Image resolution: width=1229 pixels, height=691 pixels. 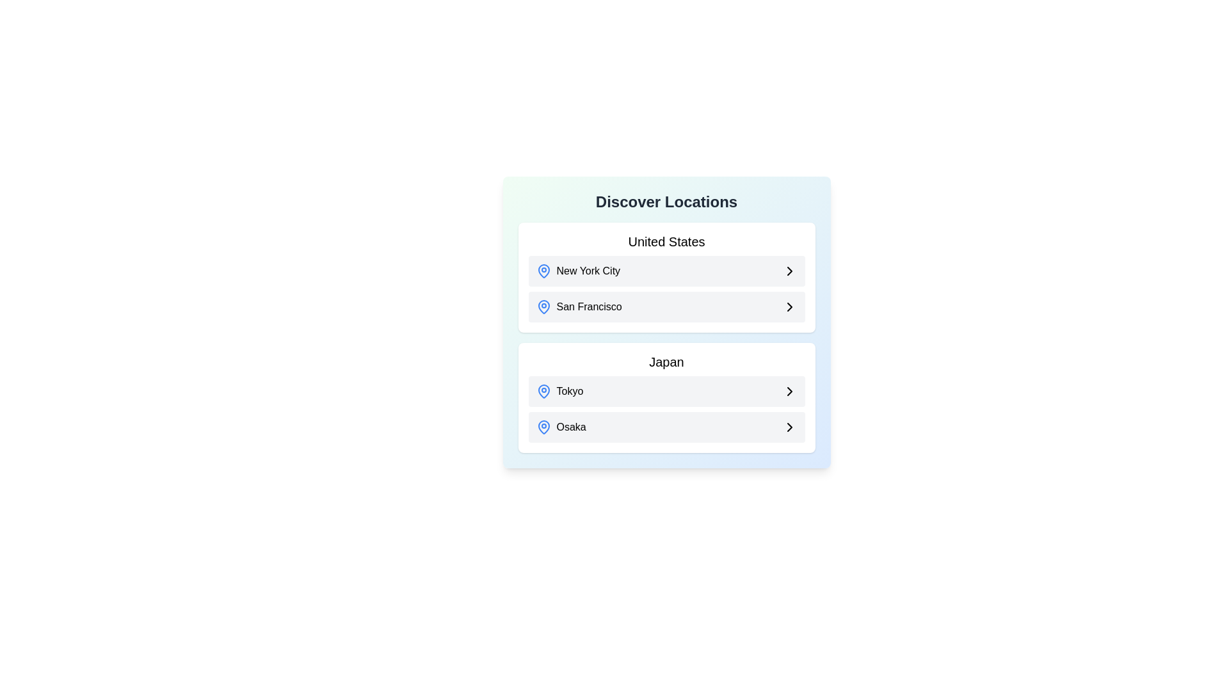 I want to click on the 'New York City' selectable location element located in the top section of the middle card under the title 'United States', so click(x=577, y=271).